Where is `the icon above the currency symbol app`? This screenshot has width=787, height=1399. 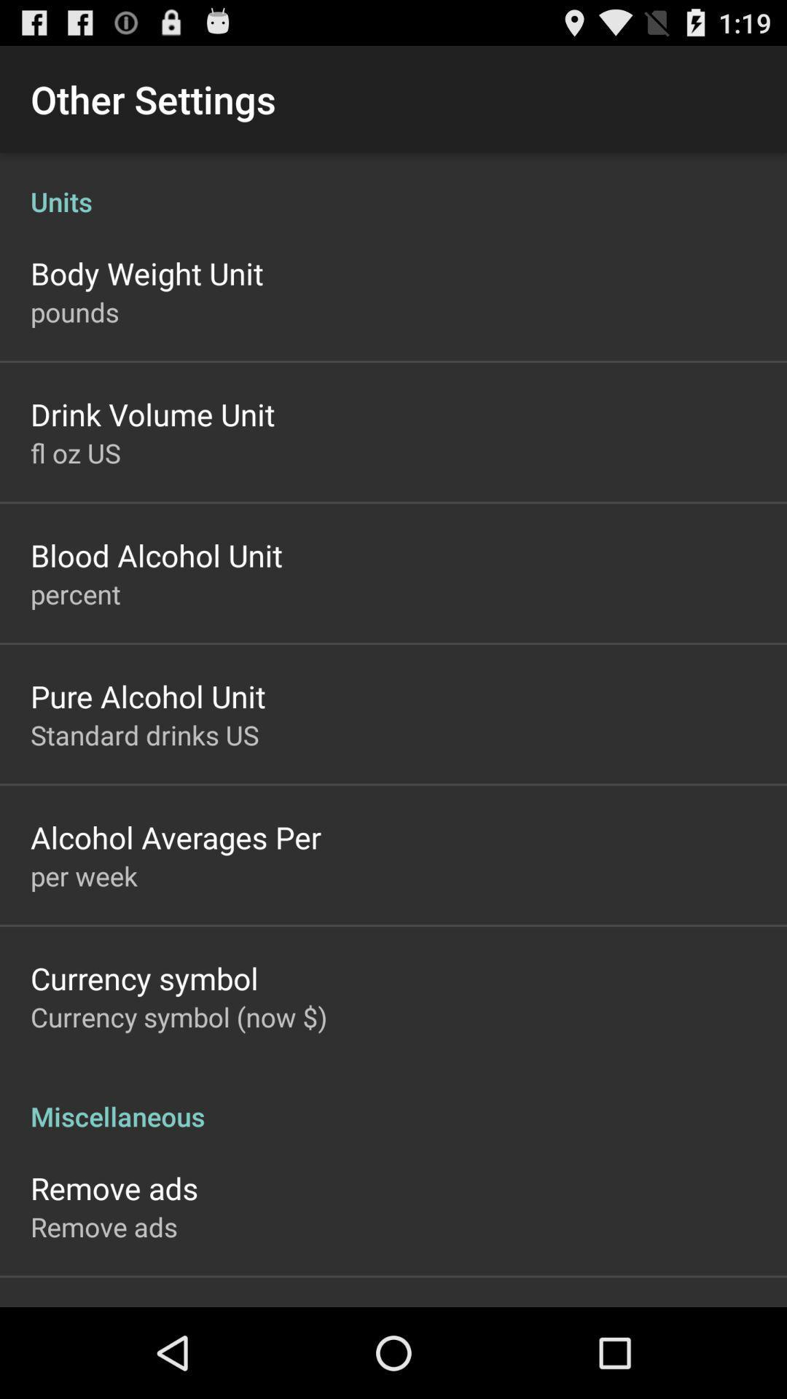 the icon above the currency symbol app is located at coordinates (84, 875).